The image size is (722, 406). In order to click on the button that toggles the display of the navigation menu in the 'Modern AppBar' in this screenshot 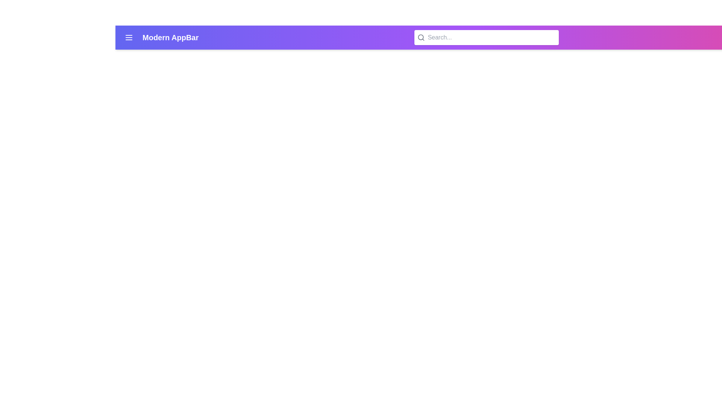, I will do `click(129, 38)`.